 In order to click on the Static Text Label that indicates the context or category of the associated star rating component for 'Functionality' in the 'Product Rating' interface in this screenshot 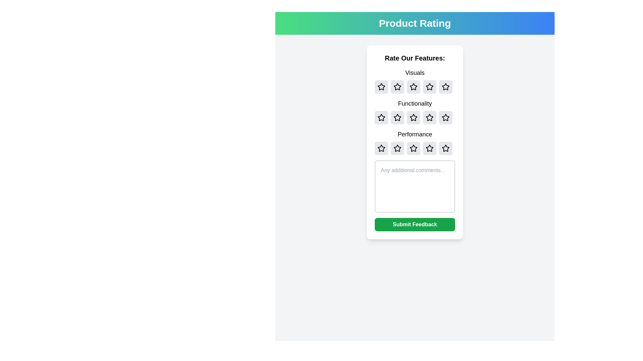, I will do `click(414, 103)`.